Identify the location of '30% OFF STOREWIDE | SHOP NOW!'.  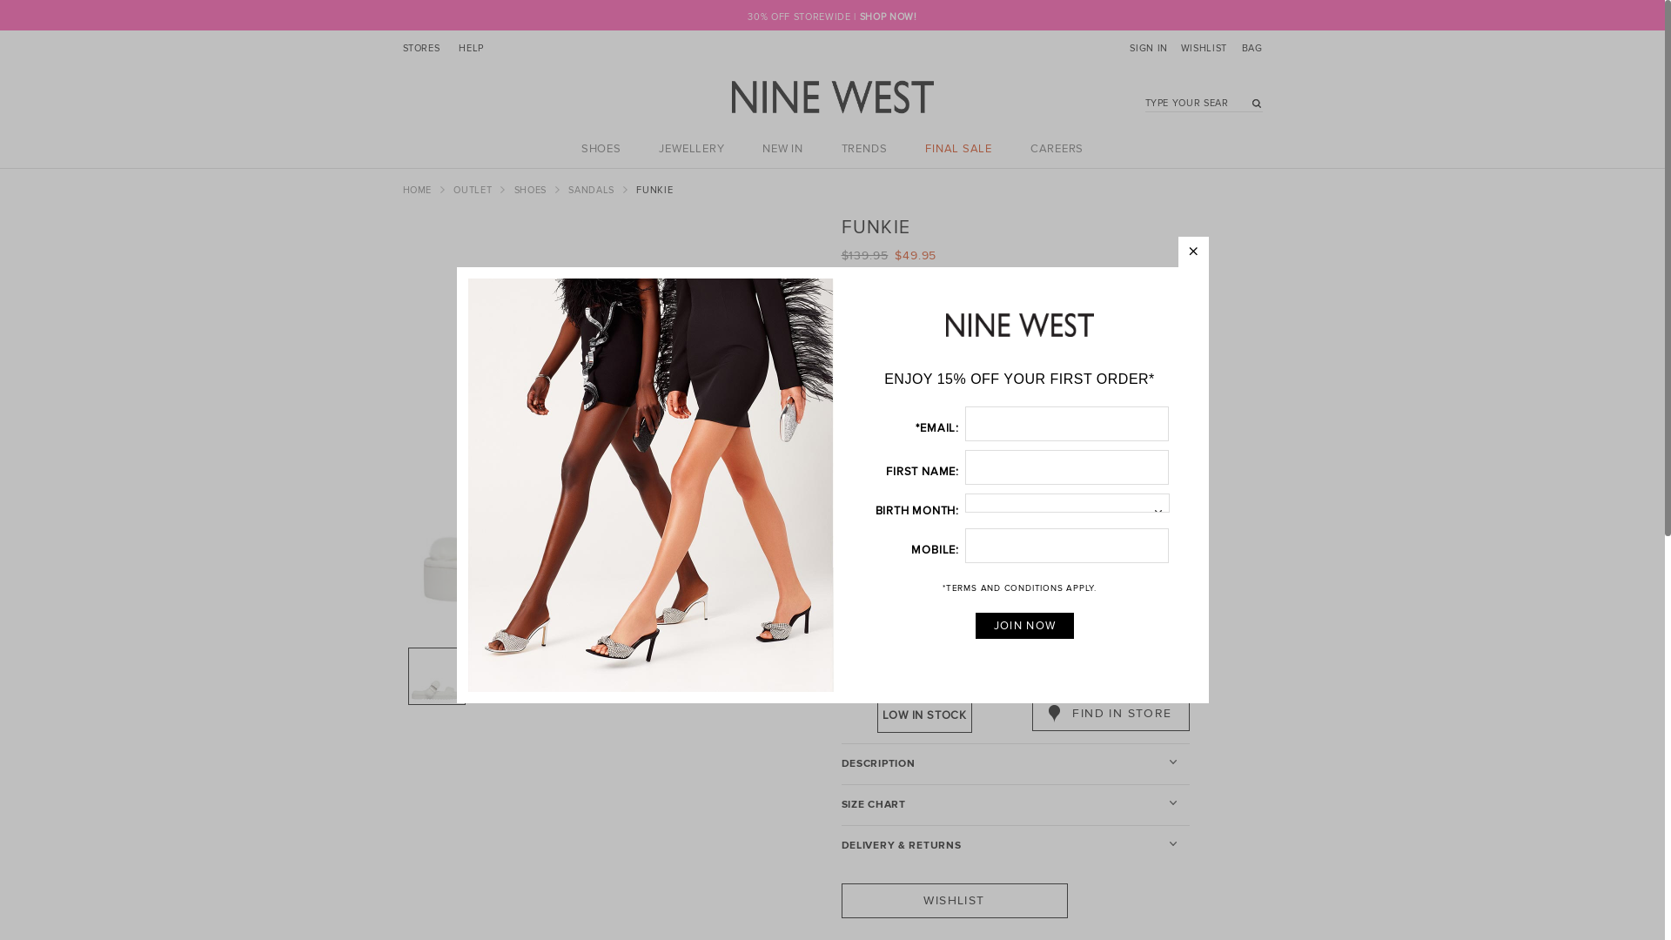
(830, 17).